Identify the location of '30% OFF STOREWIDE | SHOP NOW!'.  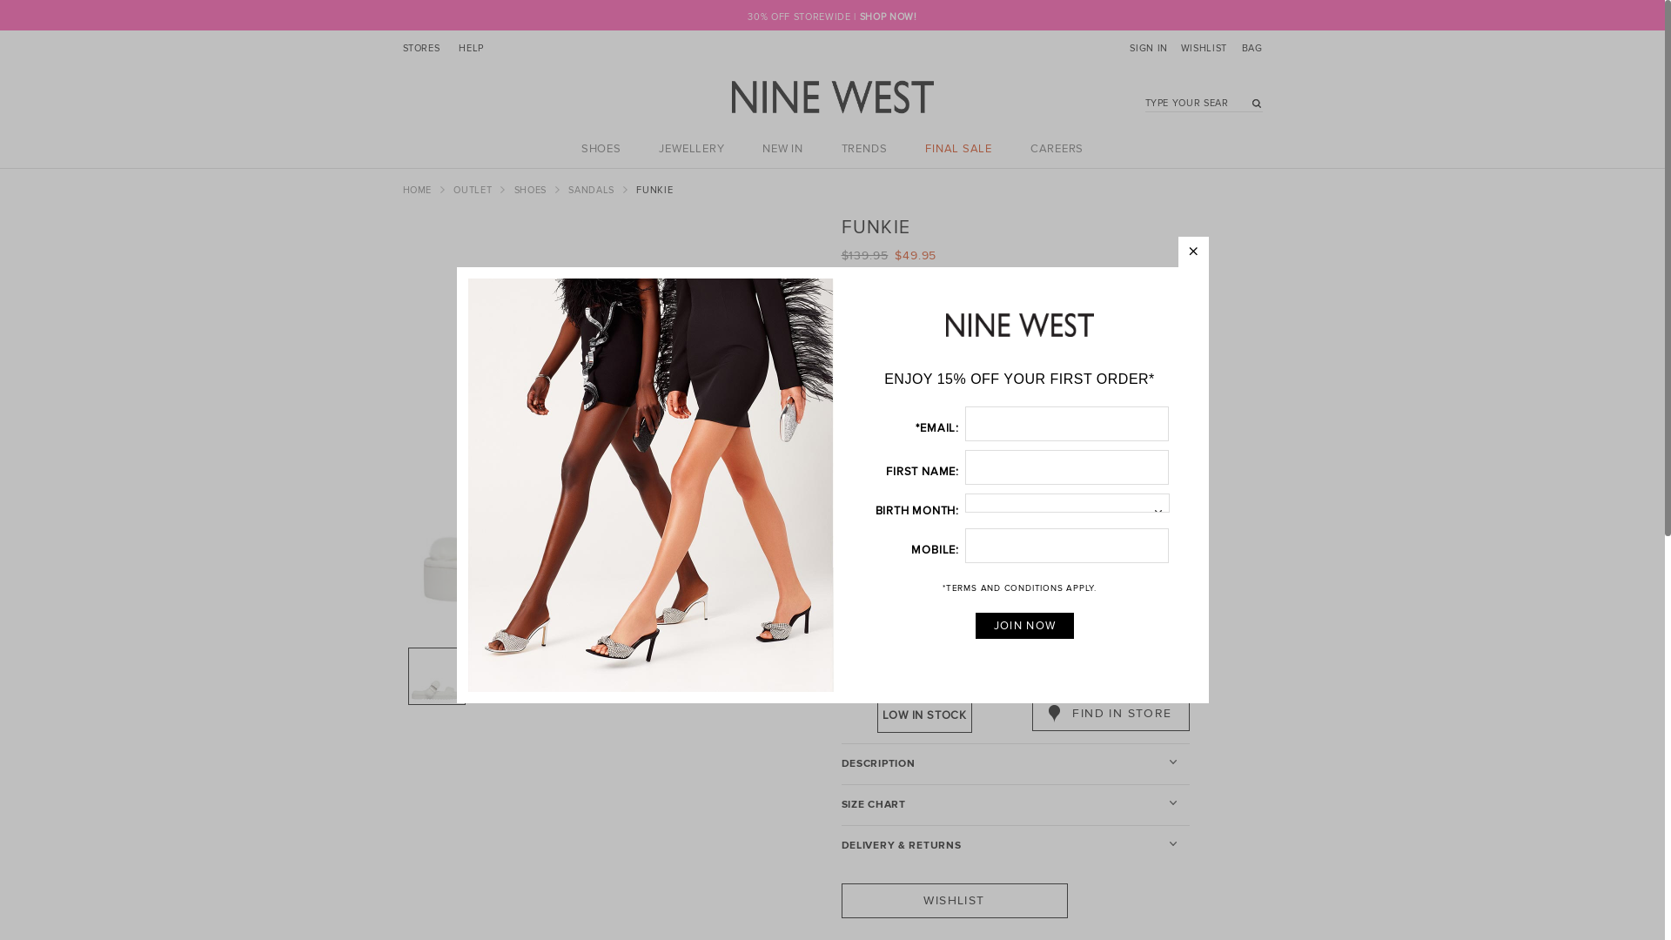
(830, 17).